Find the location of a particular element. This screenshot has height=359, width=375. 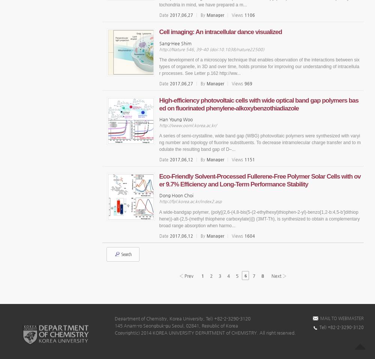

'6' is located at coordinates (245, 275).